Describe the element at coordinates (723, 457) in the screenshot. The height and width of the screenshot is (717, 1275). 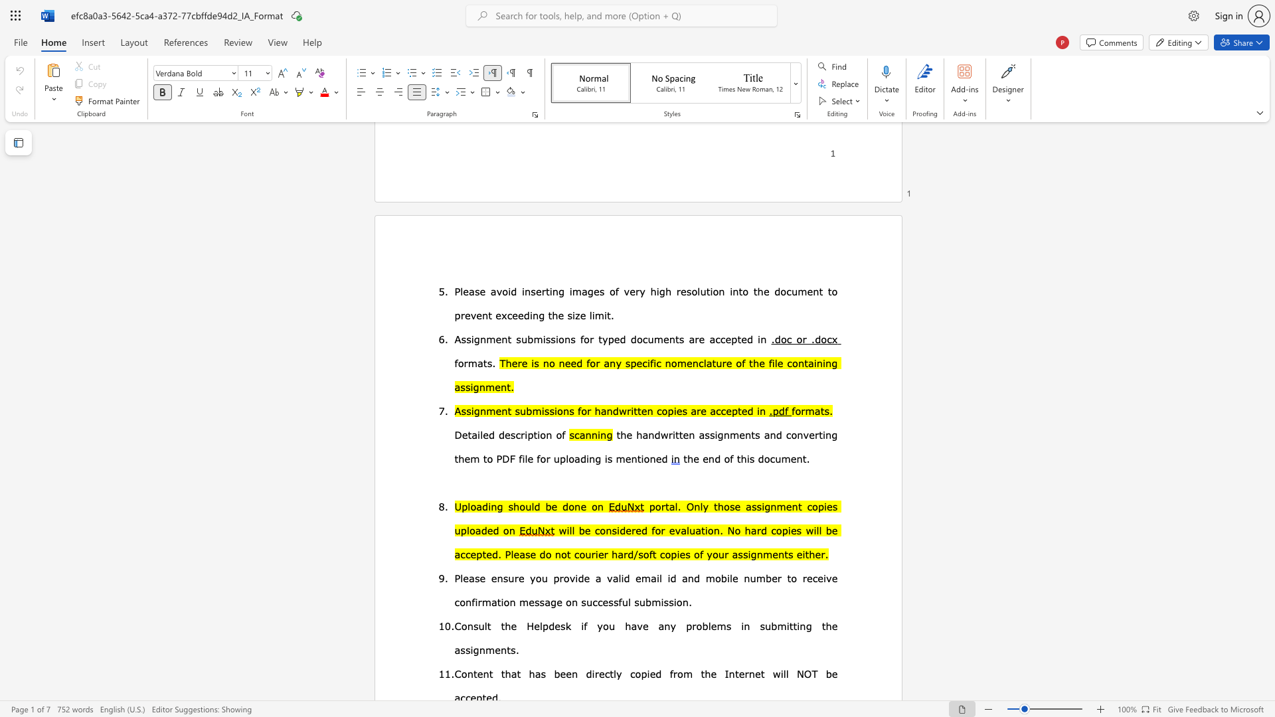
I see `the subset text "of this docume" within the text "the end of this document."` at that location.